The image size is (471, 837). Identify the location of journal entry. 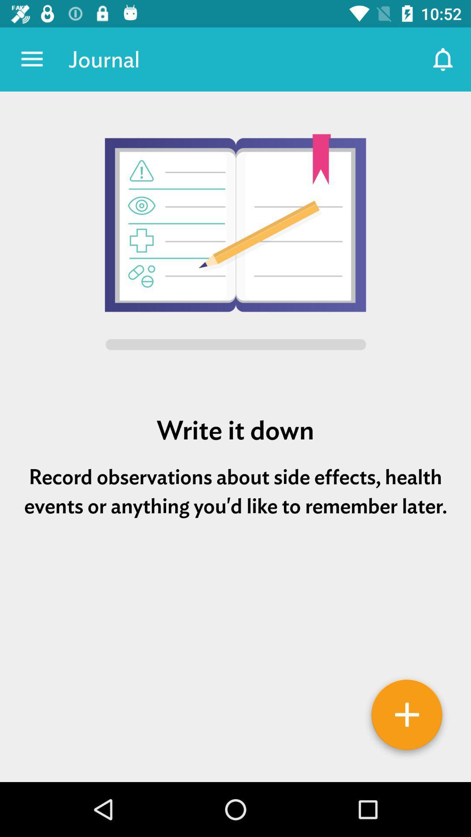
(407, 718).